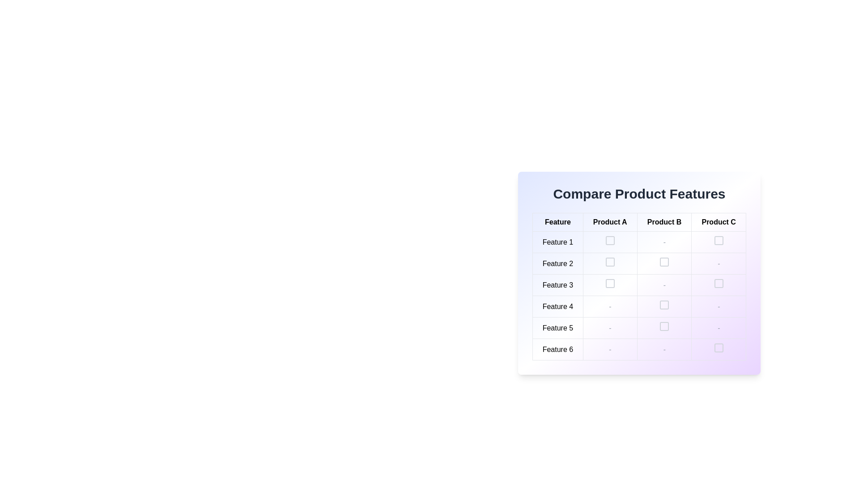 The image size is (859, 483). What do you see at coordinates (639, 306) in the screenshot?
I see `the interactive parts of the Table Row labeled 'Feature 4' within the comparison table titled 'Compare Product Features'` at bounding box center [639, 306].